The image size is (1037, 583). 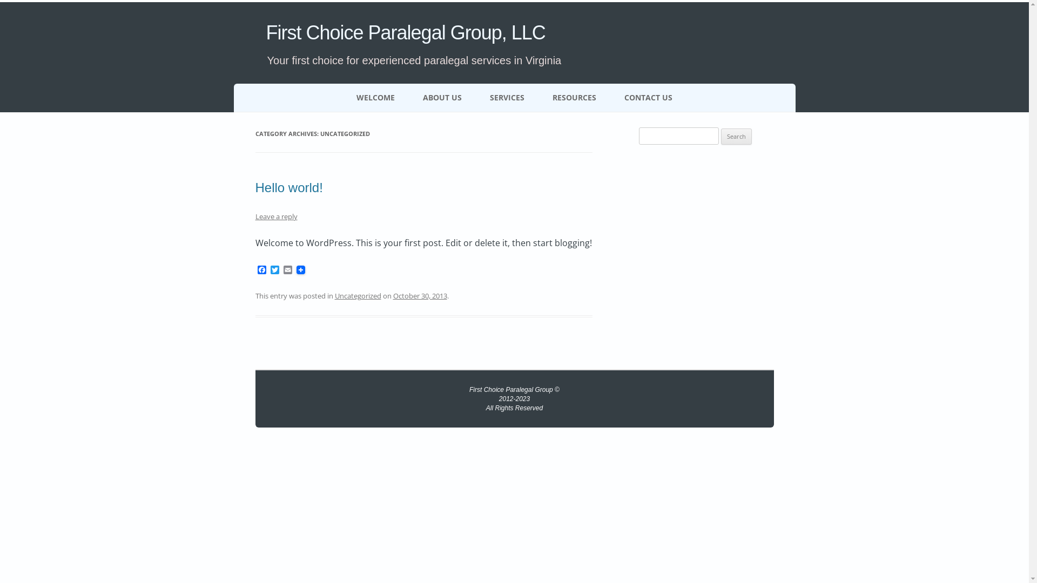 What do you see at coordinates (265, 32) in the screenshot?
I see `'First Choice Paralegal Group, LLC'` at bounding box center [265, 32].